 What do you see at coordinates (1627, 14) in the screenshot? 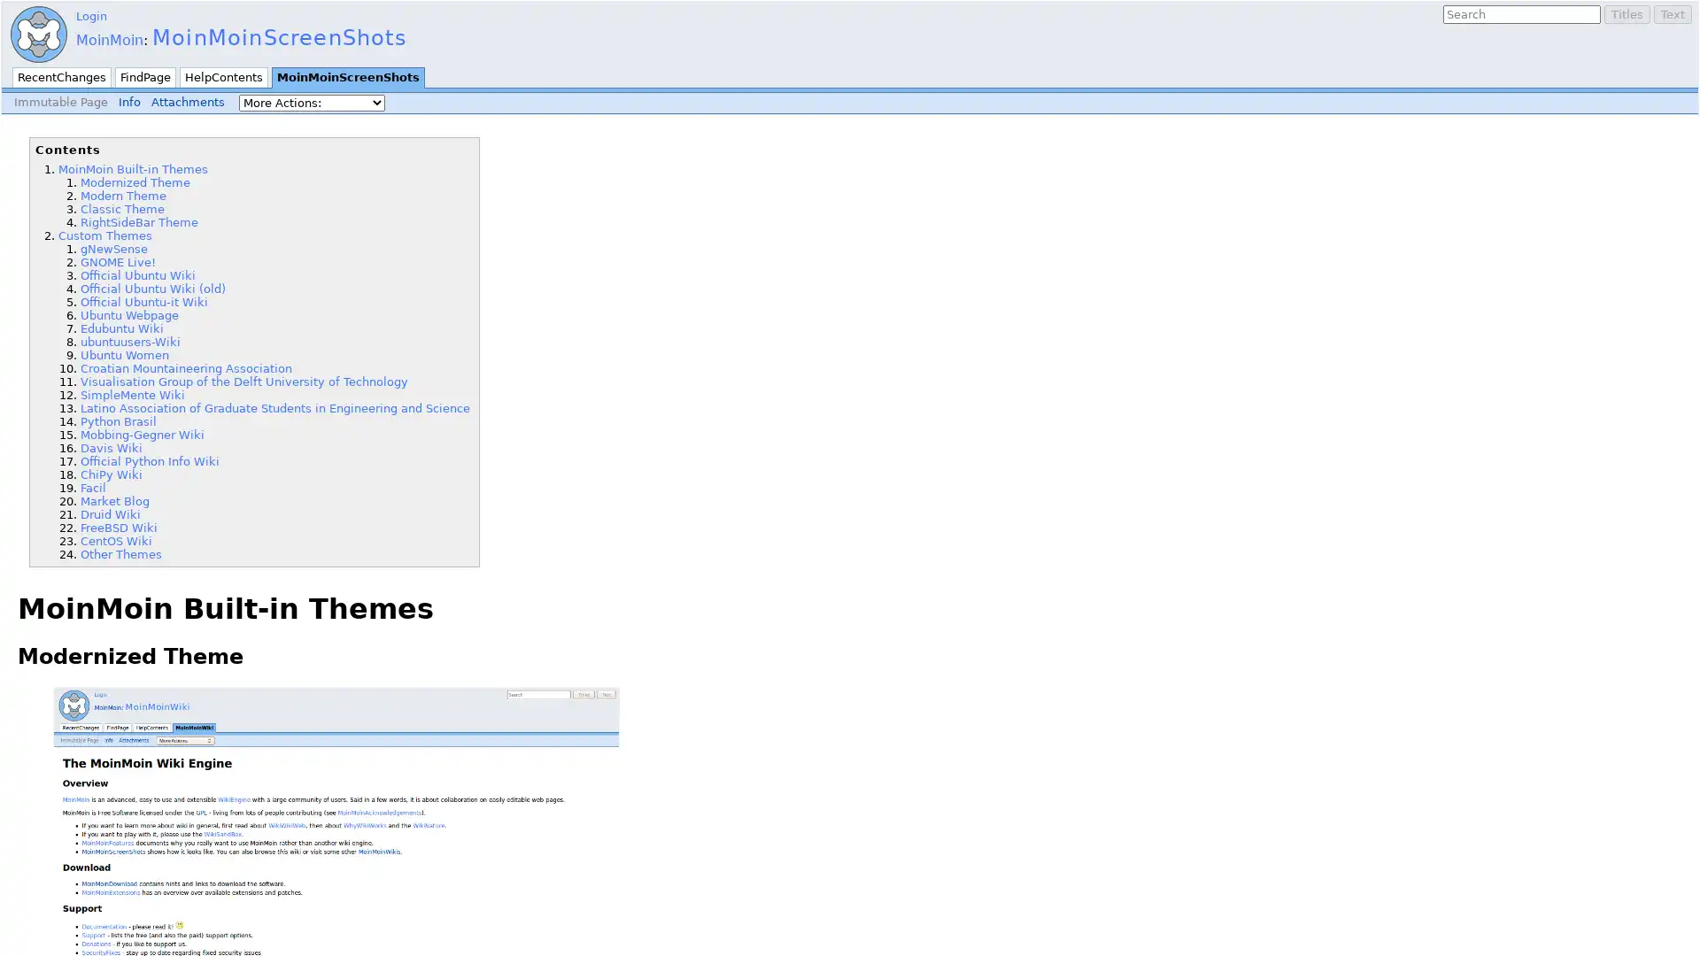
I see `Titles` at bounding box center [1627, 14].